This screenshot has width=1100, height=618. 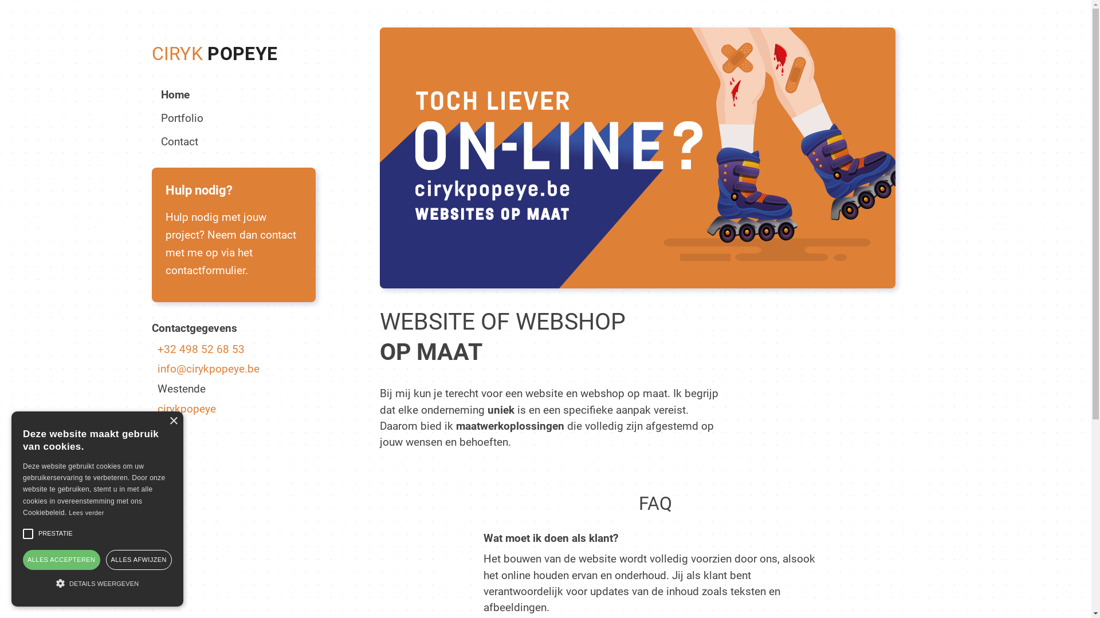 I want to click on 'Home', so click(x=174, y=94).